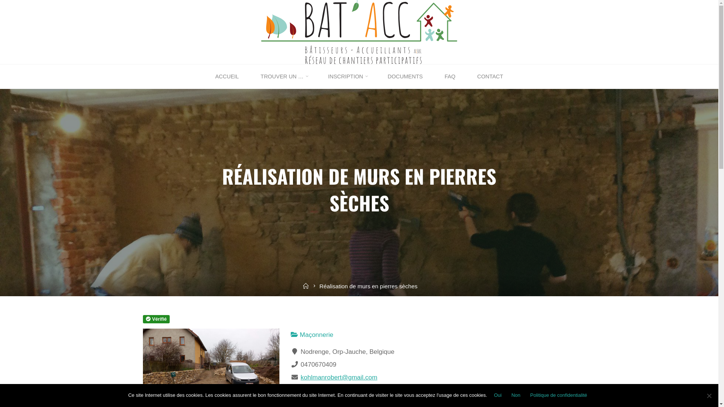 The height and width of the screenshot is (407, 724). Describe the element at coordinates (226, 77) in the screenshot. I see `'ACCUEIL'` at that location.